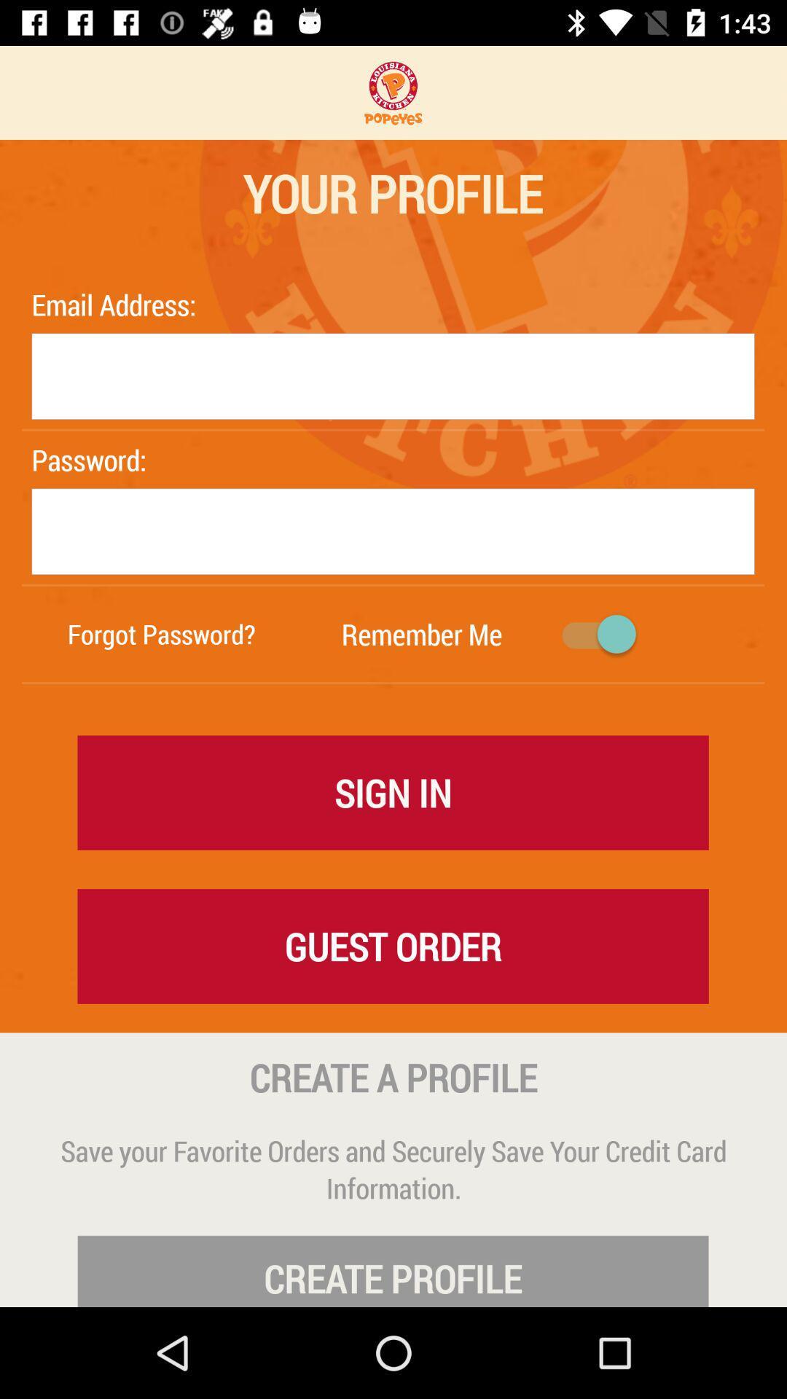 The height and width of the screenshot is (1399, 787). I want to click on the item above the create a profile icon, so click(392, 946).